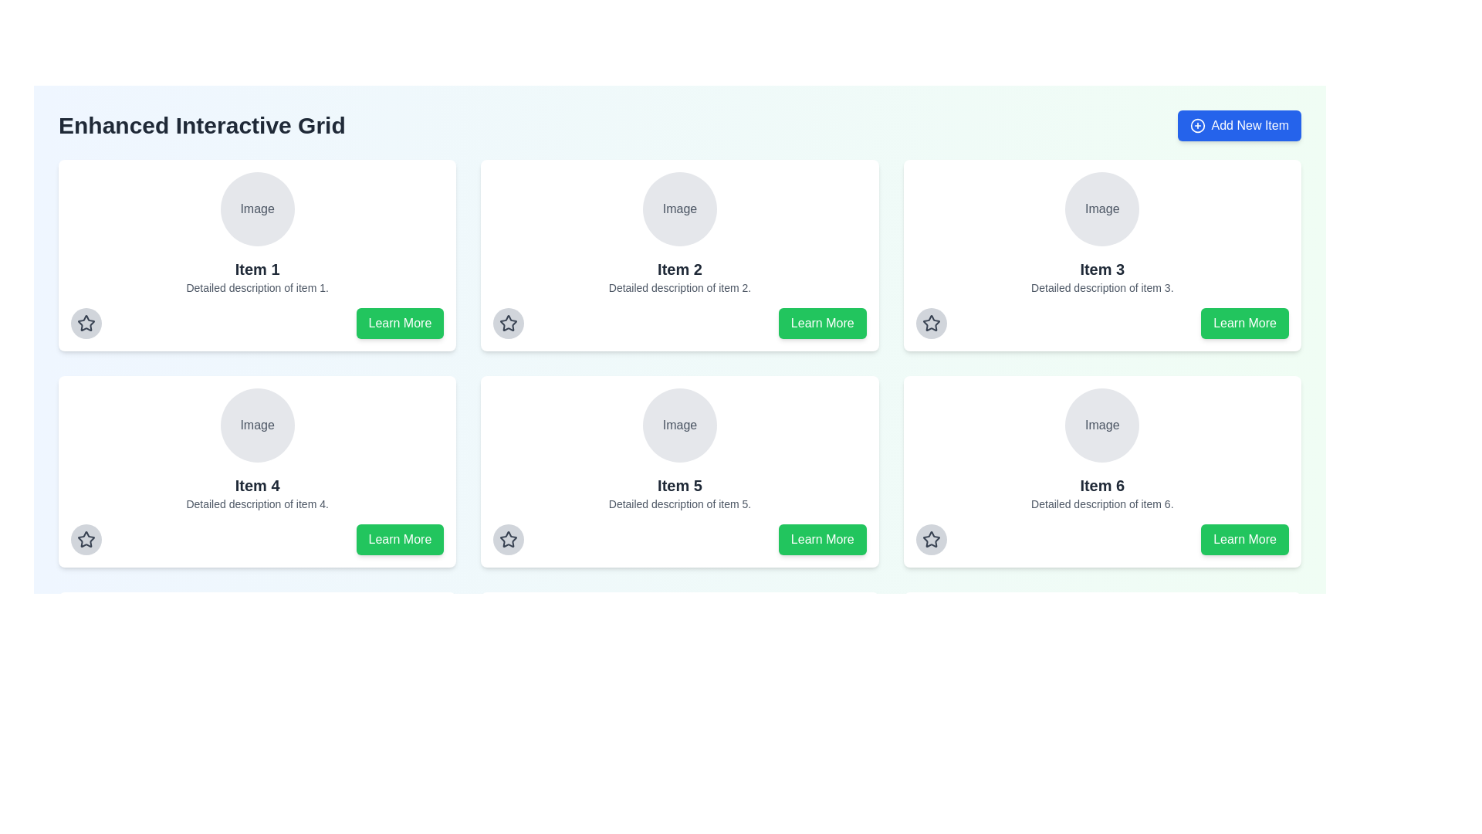  I want to click on the display card for item 3, which contains a placeholder image, title, and description, located in the top-right of the grid layout, so click(1101, 234).